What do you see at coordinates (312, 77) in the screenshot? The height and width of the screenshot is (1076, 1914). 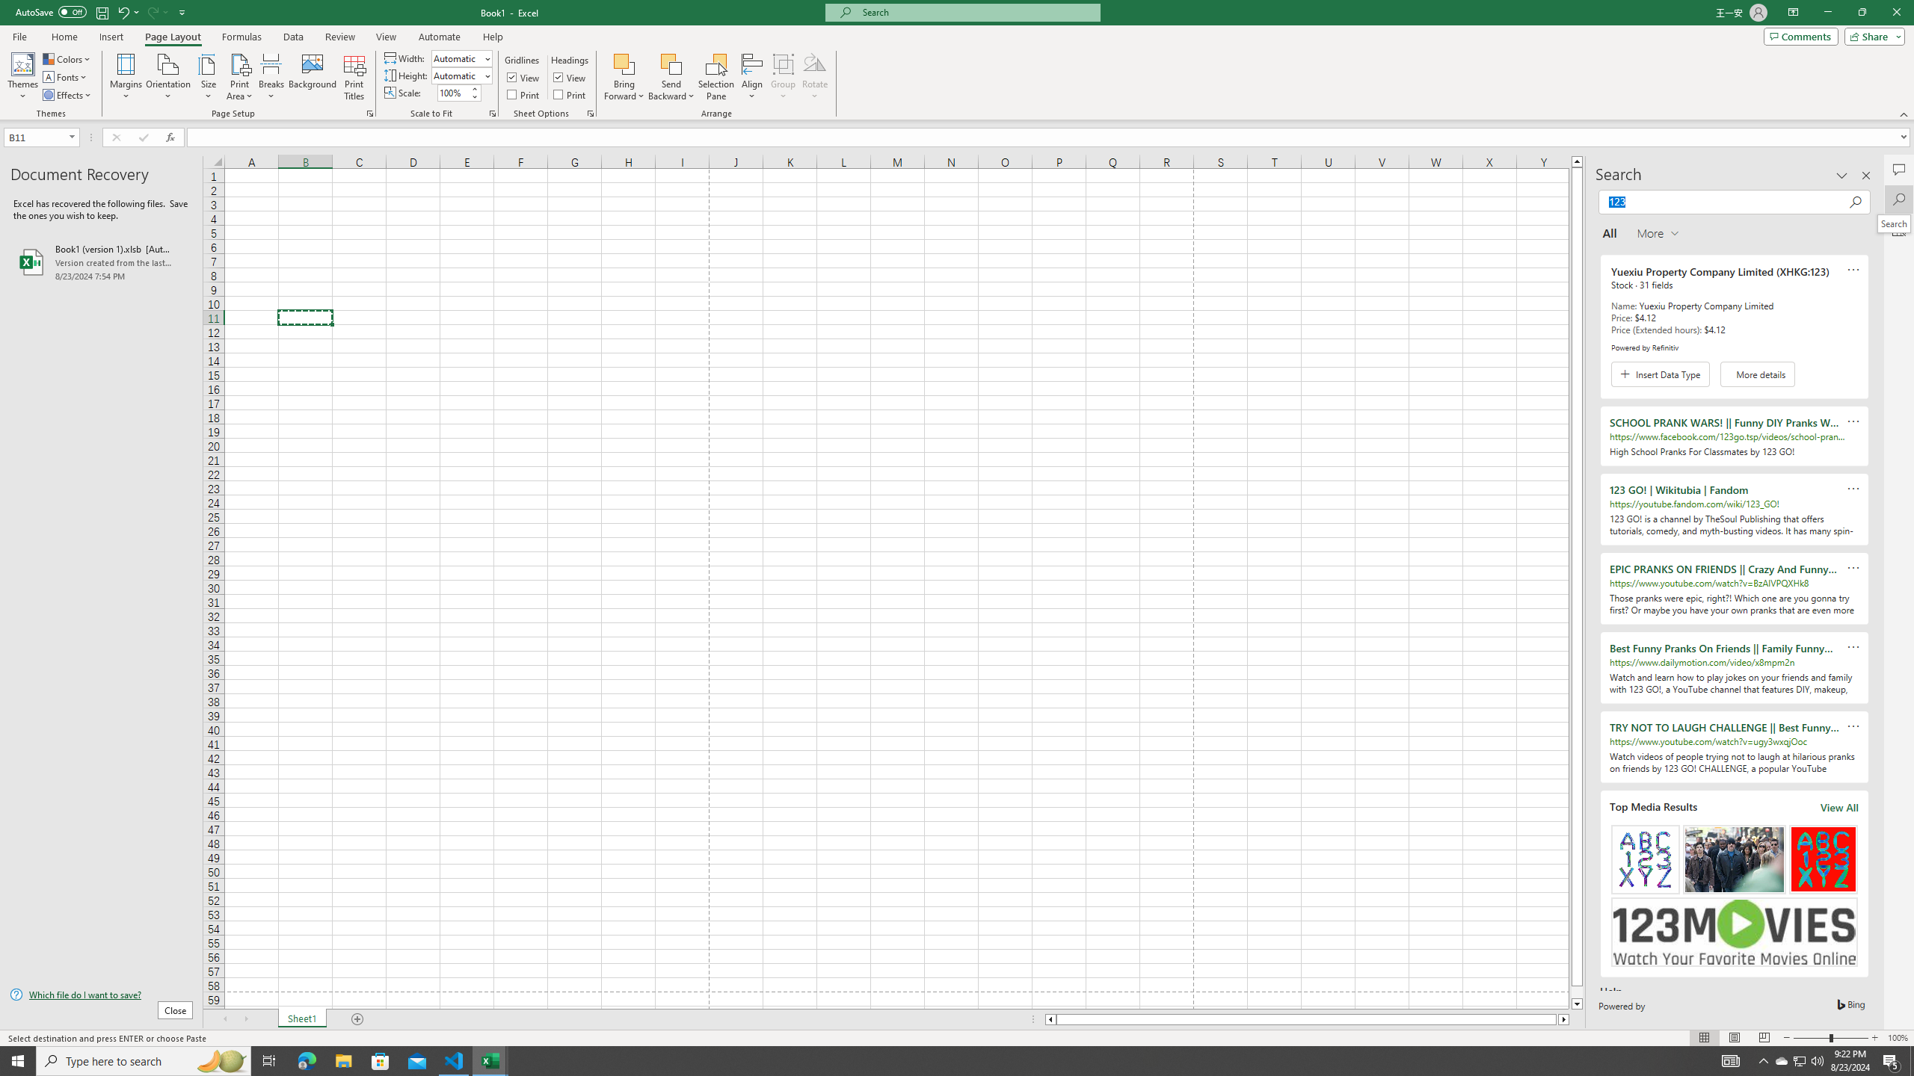 I see `'Background...'` at bounding box center [312, 77].